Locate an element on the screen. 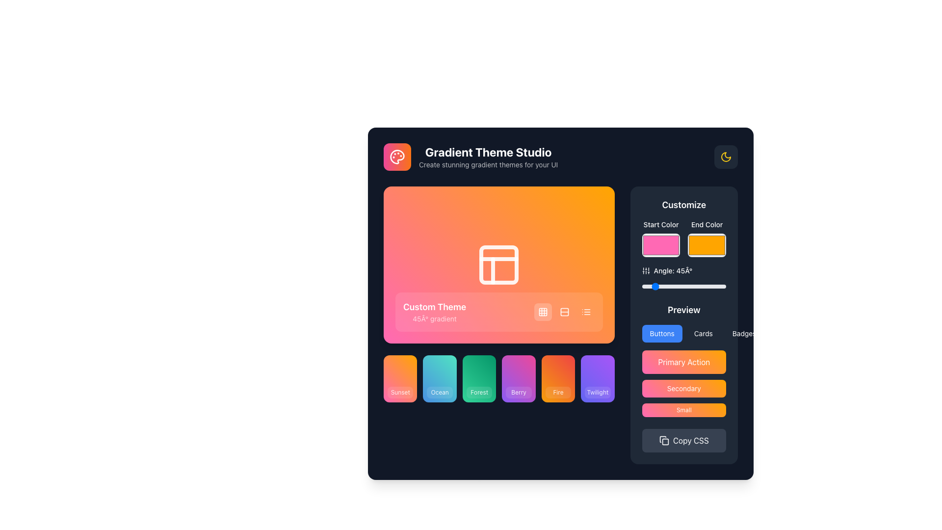 Image resolution: width=942 pixels, height=530 pixels. the Header text section titled 'Gradient Theme Studio' for additional tooltips is located at coordinates (470, 157).